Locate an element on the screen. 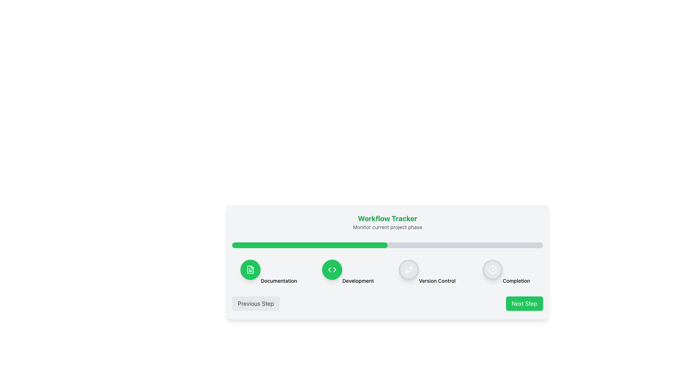  the grid element containing items titled 'Documentation', 'Development', 'Version Control', and 'Completion' located in the middle-lower section of the interface is located at coordinates (387, 272).